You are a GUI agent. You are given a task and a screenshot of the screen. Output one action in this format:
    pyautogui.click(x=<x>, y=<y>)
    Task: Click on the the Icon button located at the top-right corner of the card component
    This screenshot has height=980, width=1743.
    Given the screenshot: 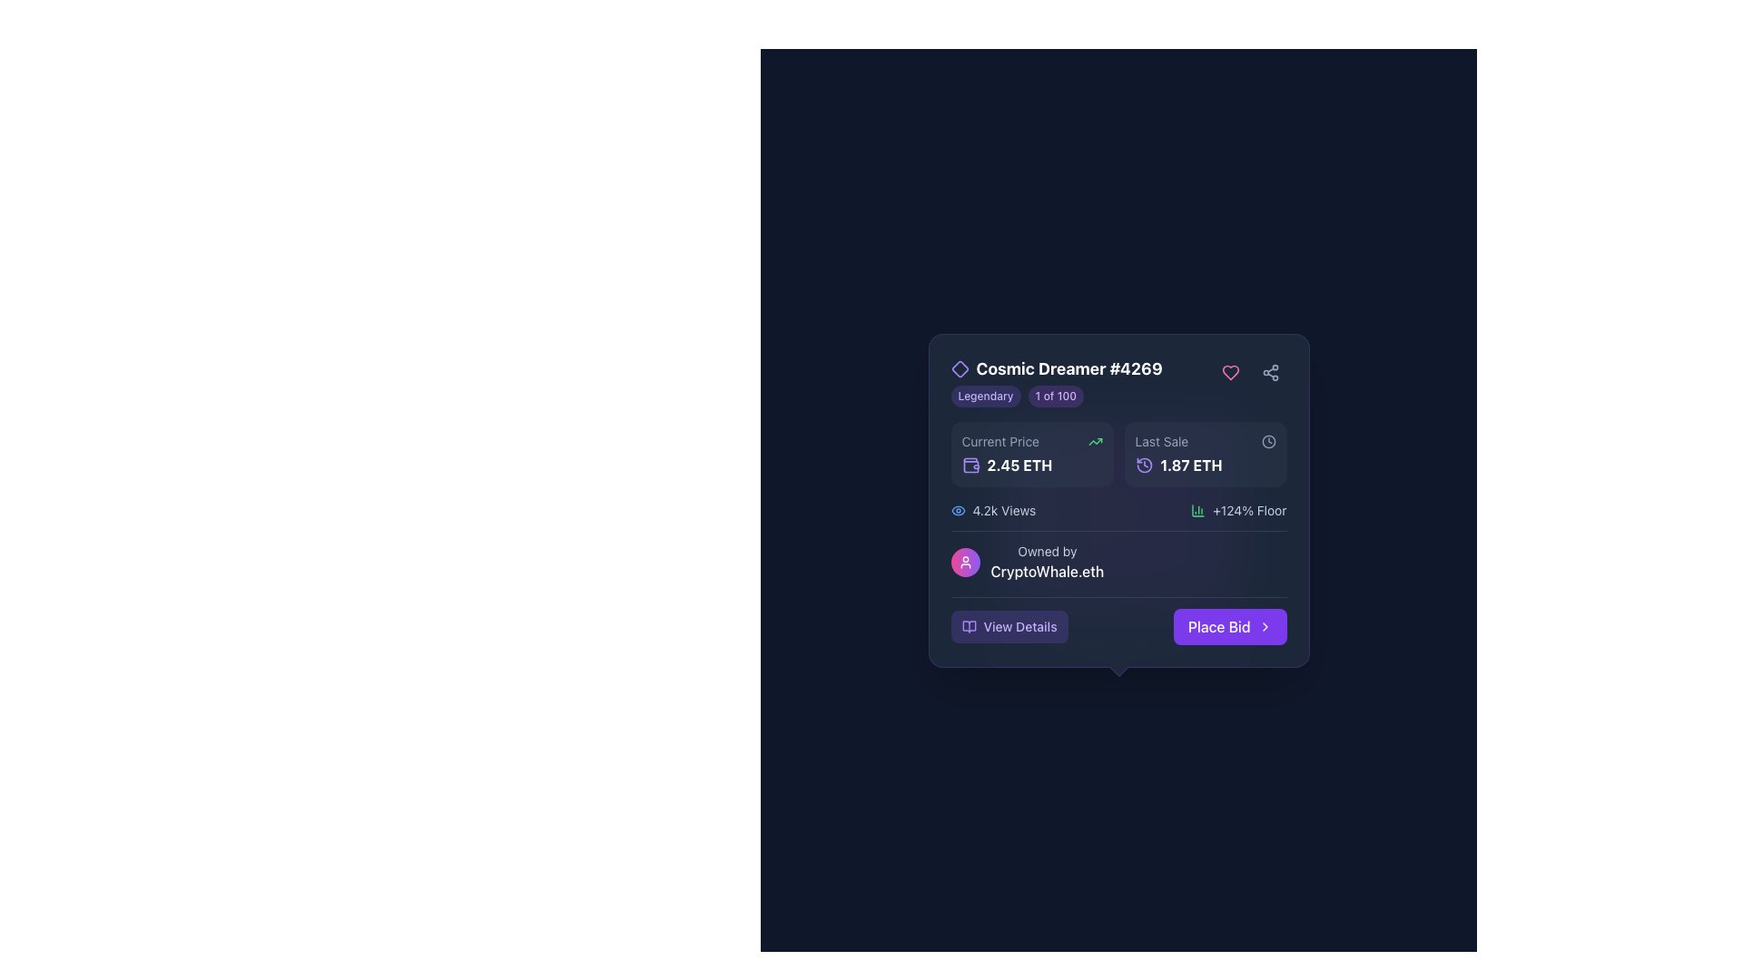 What is the action you would take?
    pyautogui.click(x=1269, y=372)
    